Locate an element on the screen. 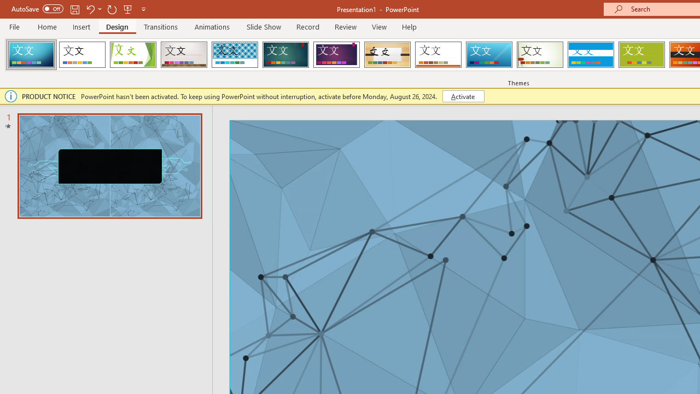  'Banded' is located at coordinates (590, 55).